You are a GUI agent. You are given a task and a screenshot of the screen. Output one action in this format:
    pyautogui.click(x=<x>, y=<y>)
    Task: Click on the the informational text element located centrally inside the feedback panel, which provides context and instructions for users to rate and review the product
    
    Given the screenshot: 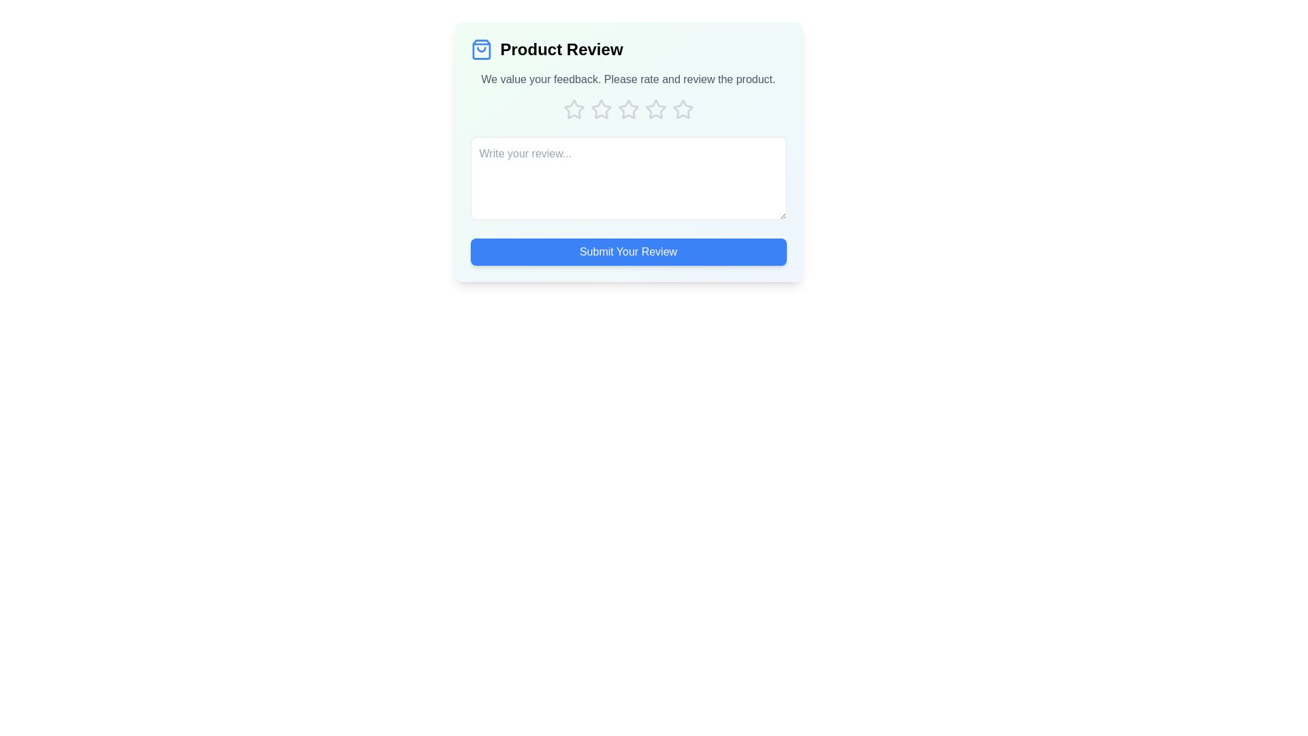 What is the action you would take?
    pyautogui.click(x=627, y=79)
    